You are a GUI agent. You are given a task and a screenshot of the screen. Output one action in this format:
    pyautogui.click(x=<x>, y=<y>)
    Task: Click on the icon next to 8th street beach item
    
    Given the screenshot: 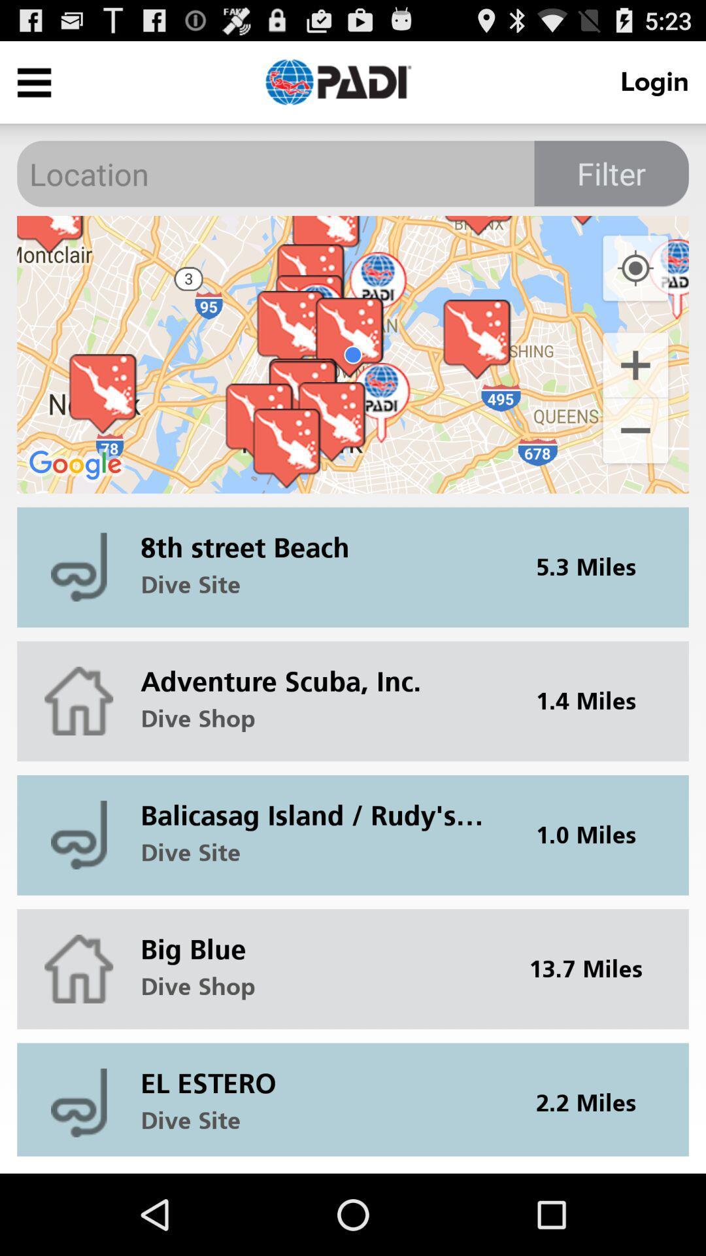 What is the action you would take?
    pyautogui.click(x=594, y=567)
    